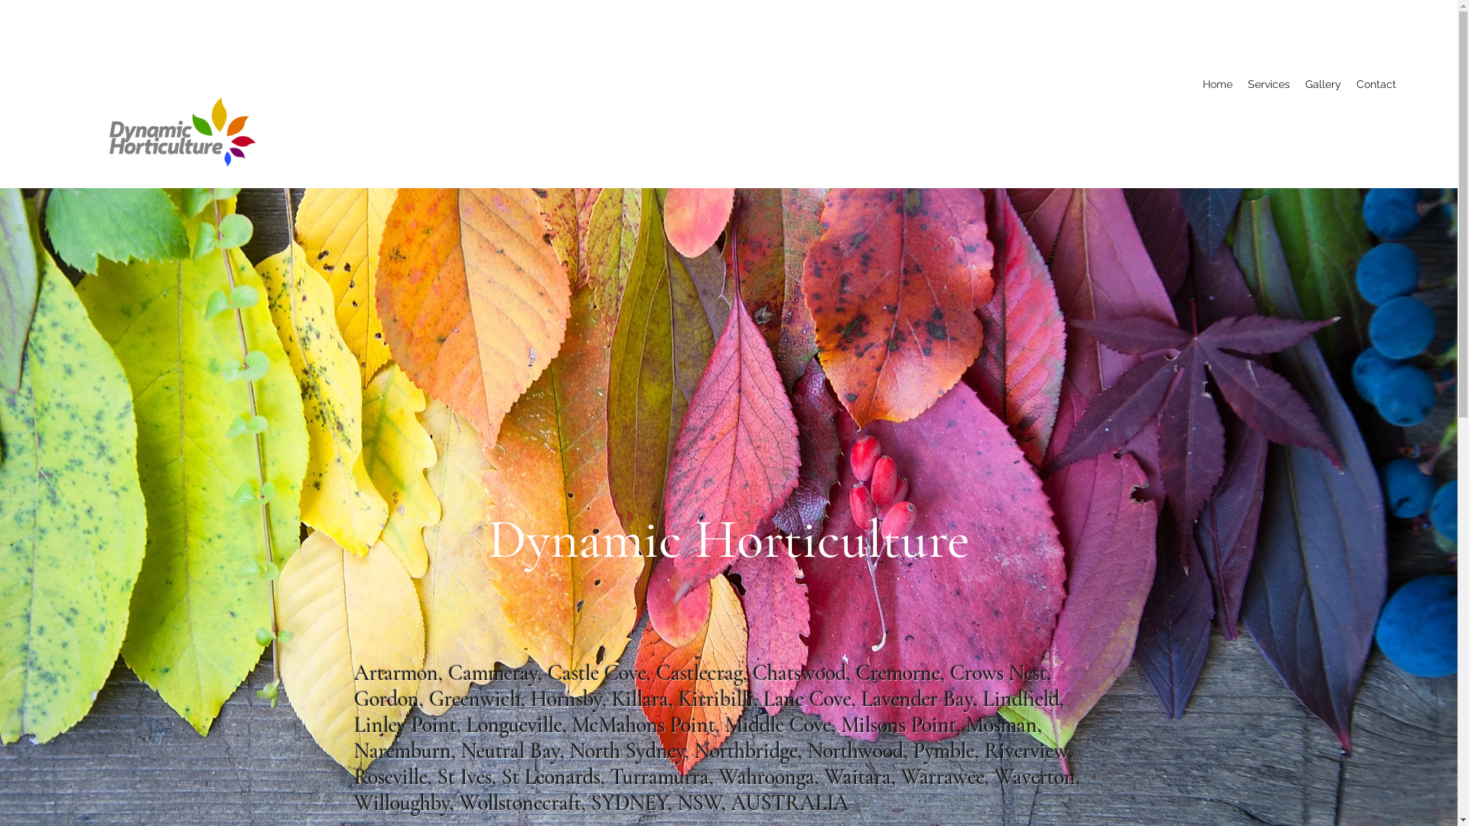 Image resolution: width=1469 pixels, height=826 pixels. Describe the element at coordinates (1269, 84) in the screenshot. I see `'Services'` at that location.